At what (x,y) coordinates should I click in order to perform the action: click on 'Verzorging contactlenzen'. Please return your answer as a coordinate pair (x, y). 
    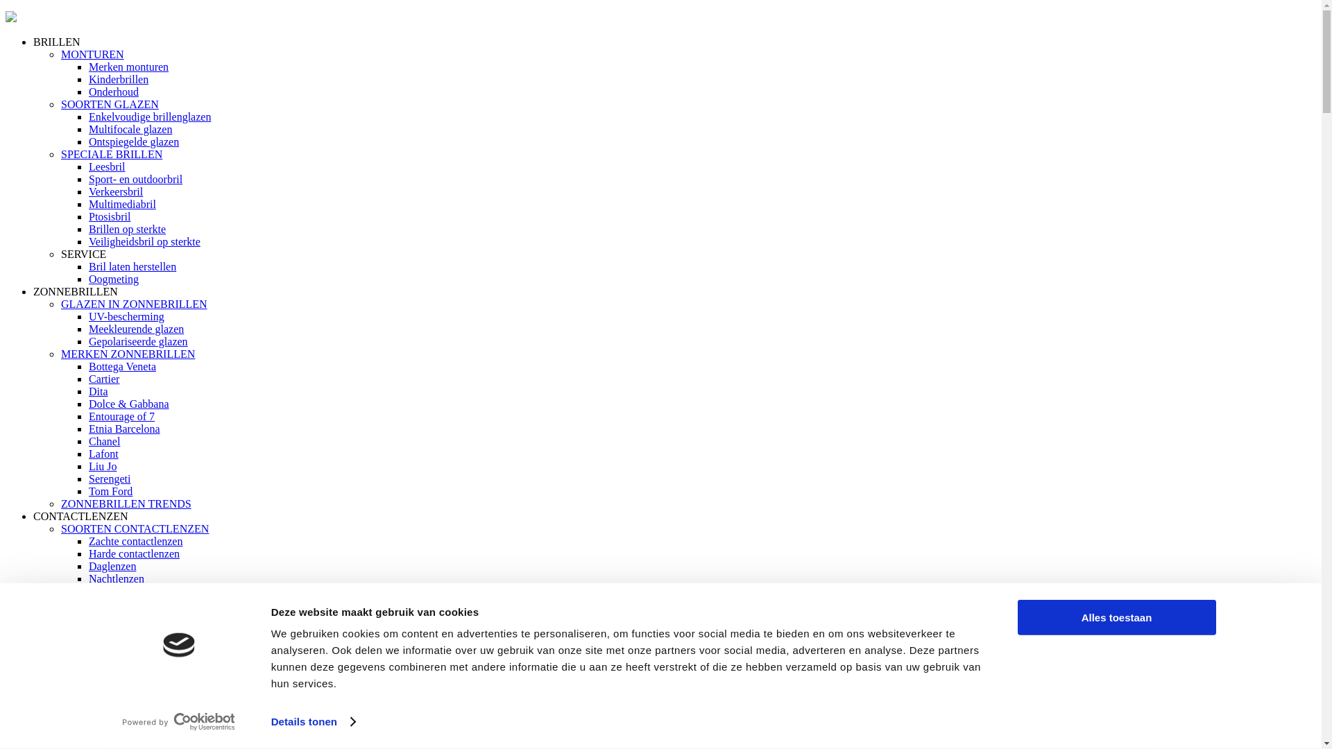
    Looking at the image, I should click on (145, 653).